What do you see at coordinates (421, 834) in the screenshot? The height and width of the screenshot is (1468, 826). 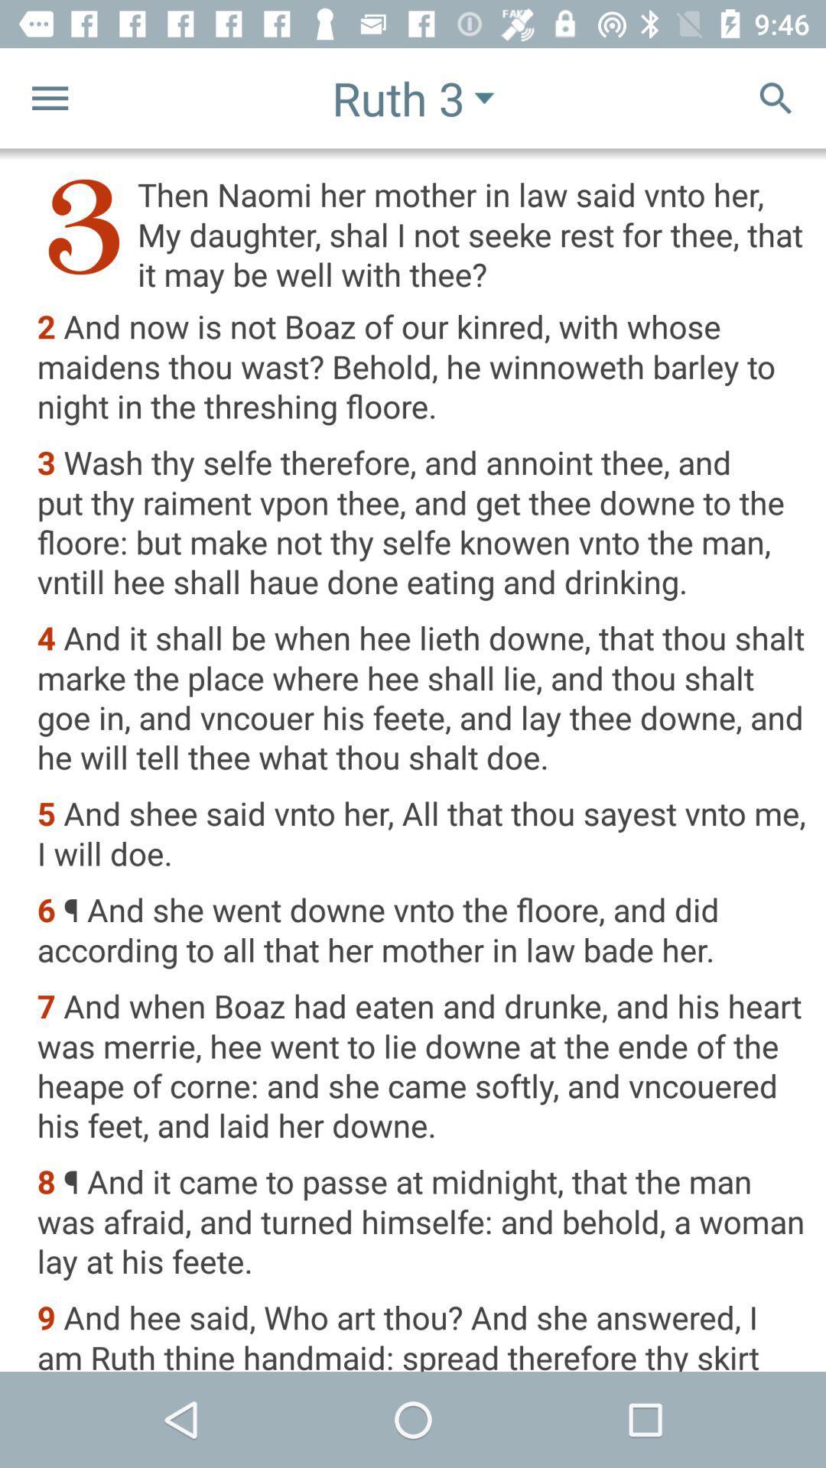 I see `item below 4 and it` at bounding box center [421, 834].